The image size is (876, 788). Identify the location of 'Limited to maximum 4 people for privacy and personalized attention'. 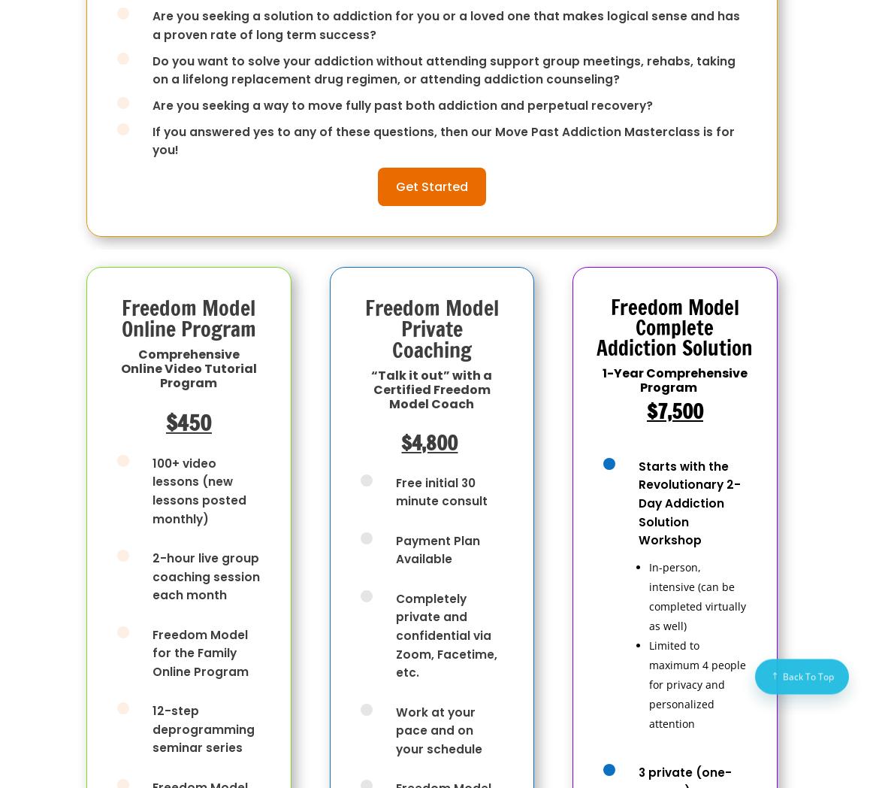
(696, 683).